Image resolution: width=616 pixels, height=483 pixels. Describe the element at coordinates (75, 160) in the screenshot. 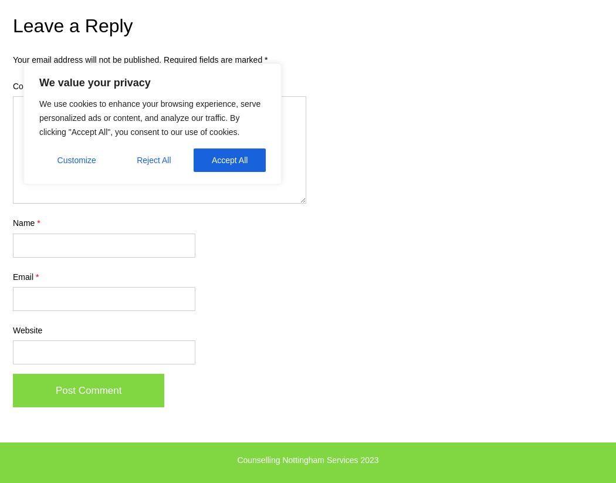

I see `'Customize'` at that location.